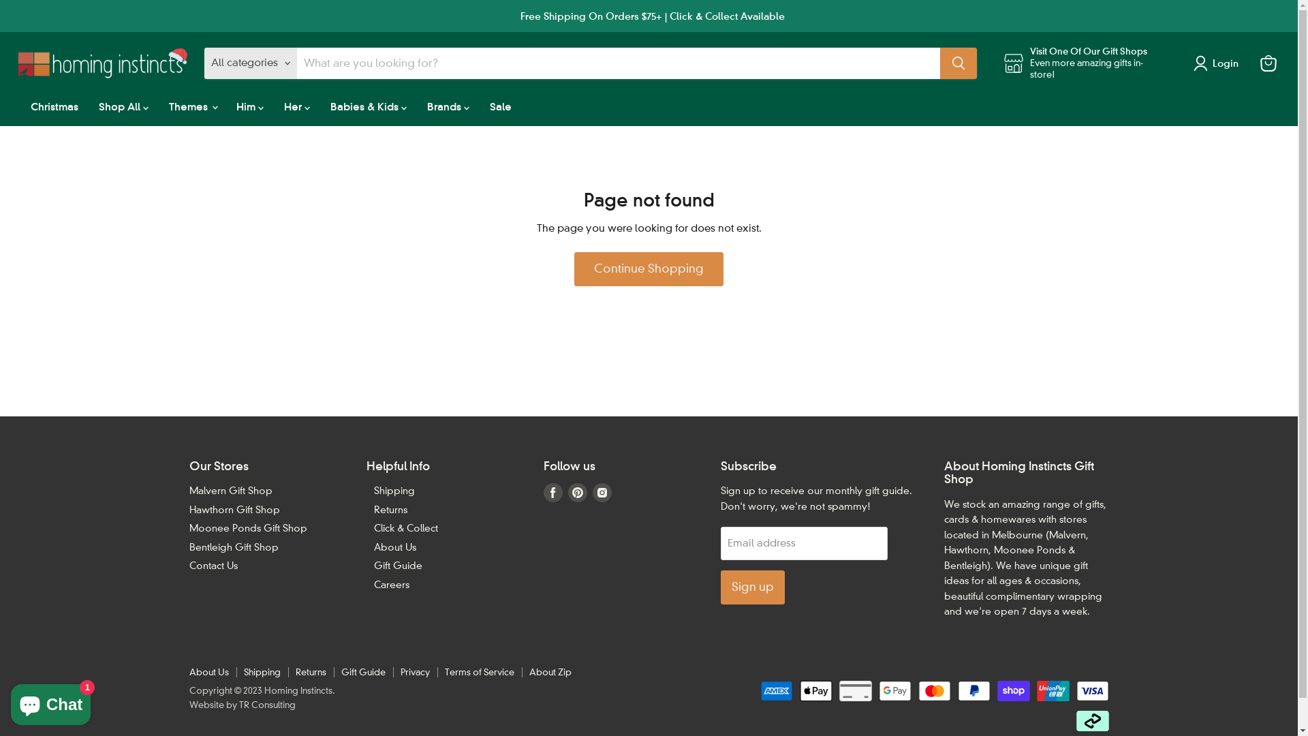 Image resolution: width=1308 pixels, height=736 pixels. Describe the element at coordinates (648, 269) in the screenshot. I see `'Continue Shopping'` at that location.